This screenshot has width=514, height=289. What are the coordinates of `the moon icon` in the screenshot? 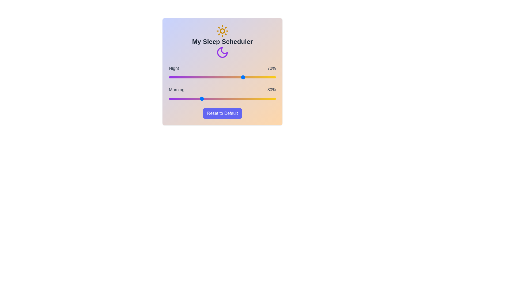 It's located at (222, 52).